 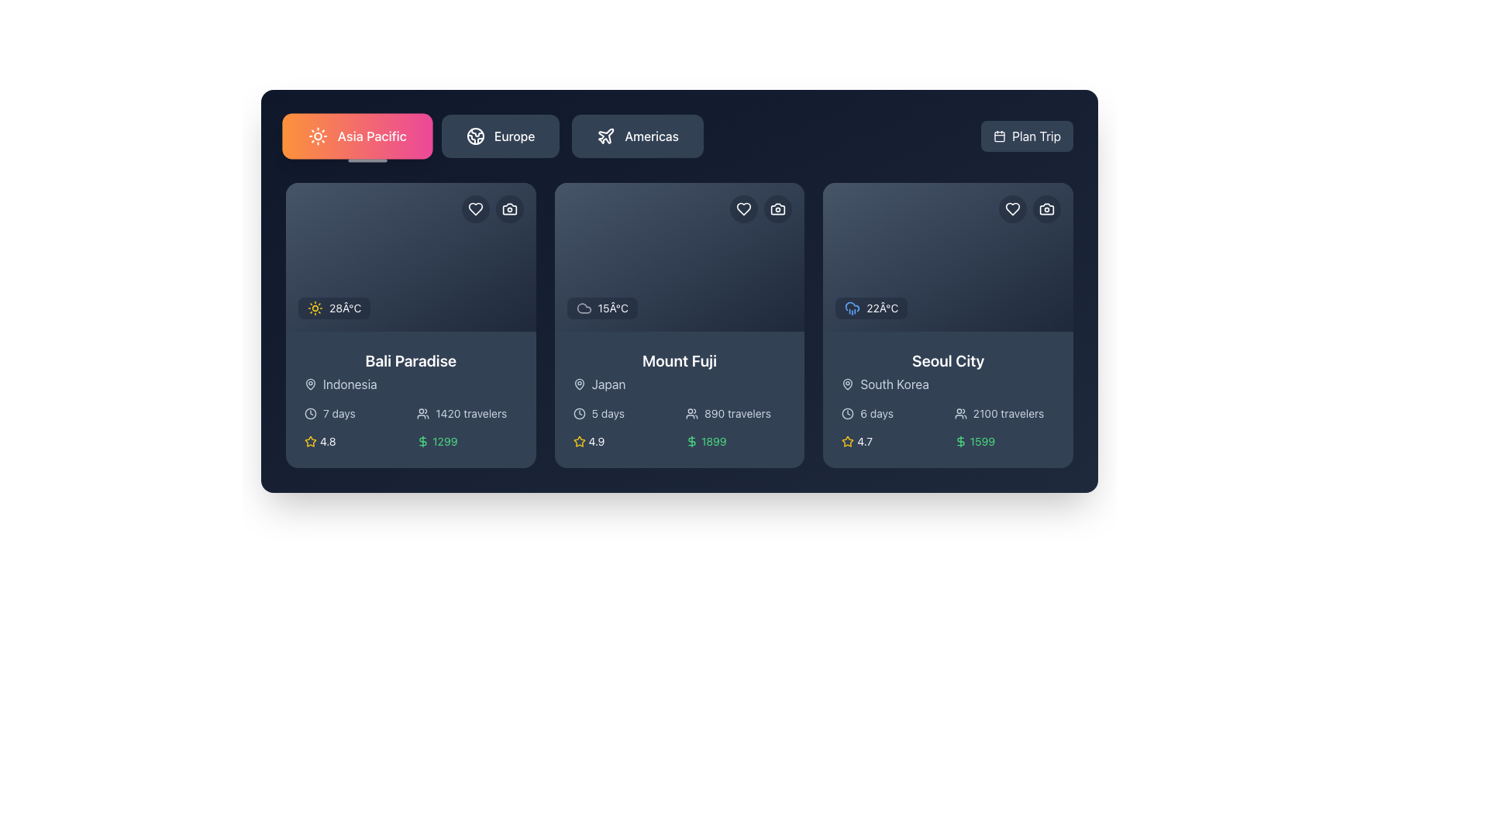 I want to click on the 'Mount Fuji' text header displayed in a bold white font against a darker blue background, located in the center card of the Asia Pacific section, so click(x=680, y=361).